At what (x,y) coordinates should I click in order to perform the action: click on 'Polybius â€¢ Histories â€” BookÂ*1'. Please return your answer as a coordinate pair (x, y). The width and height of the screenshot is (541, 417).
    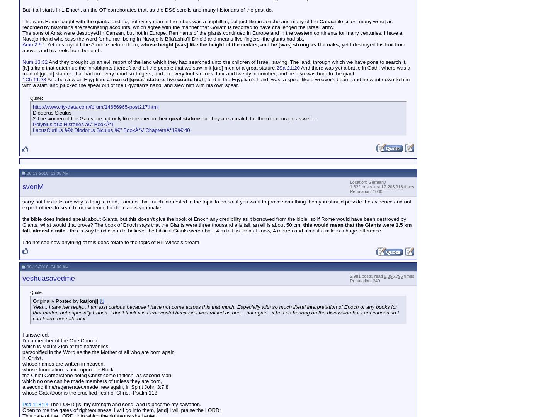
    Looking at the image, I should click on (73, 123).